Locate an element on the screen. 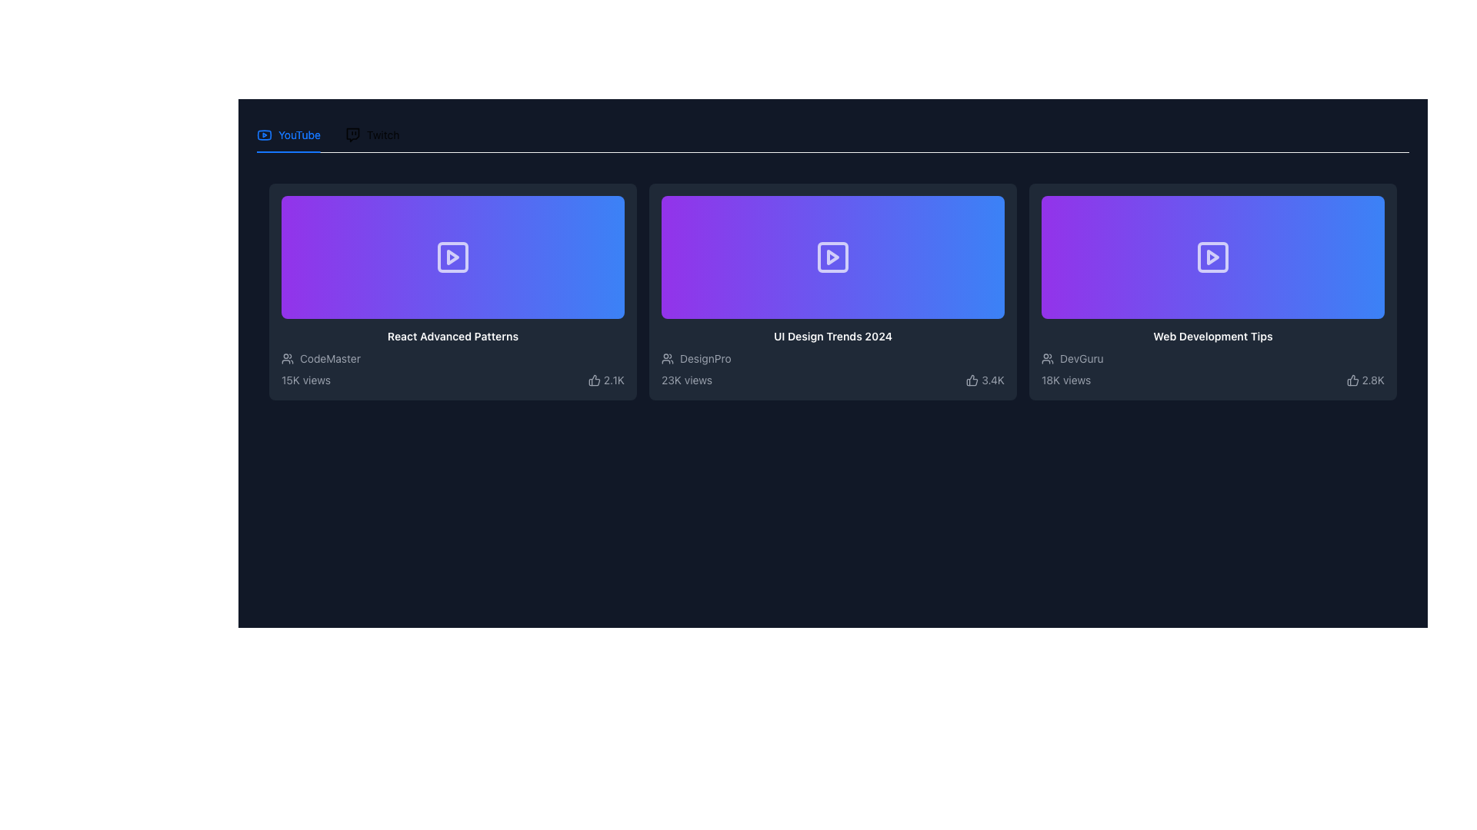 Image resolution: width=1477 pixels, height=830 pixels. the third clickable video thumbnail located at the top-right of three thumbnails is located at coordinates (1212, 257).